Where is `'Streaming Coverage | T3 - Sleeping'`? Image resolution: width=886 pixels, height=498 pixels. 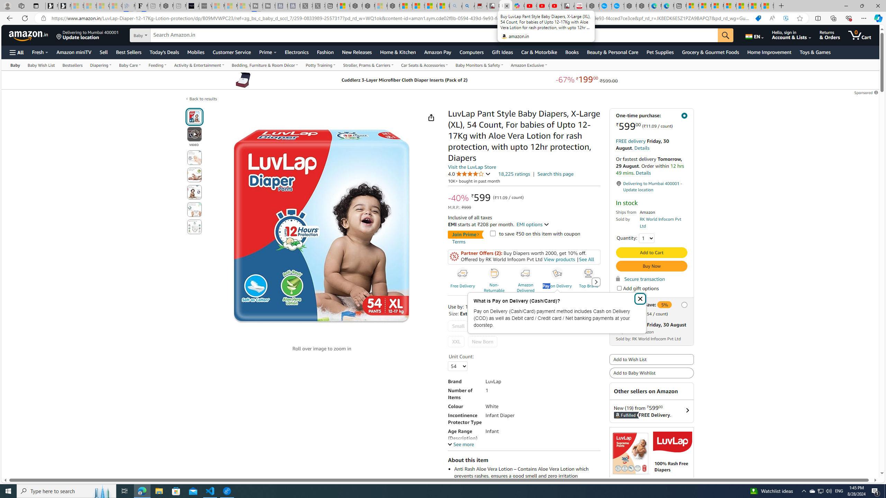
'Streaming Coverage | T3 - Sleeping' is located at coordinates (256, 6).